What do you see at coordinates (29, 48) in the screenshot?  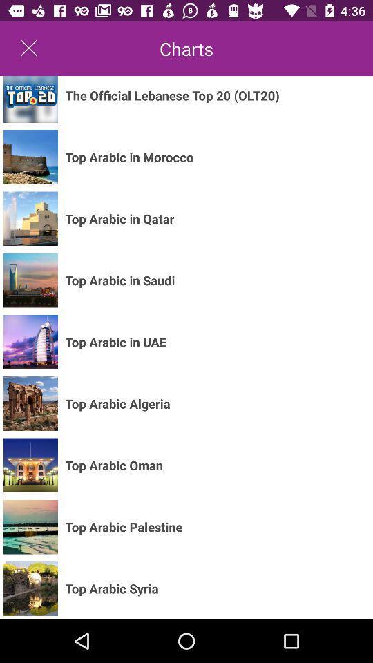 I see `exit page` at bounding box center [29, 48].